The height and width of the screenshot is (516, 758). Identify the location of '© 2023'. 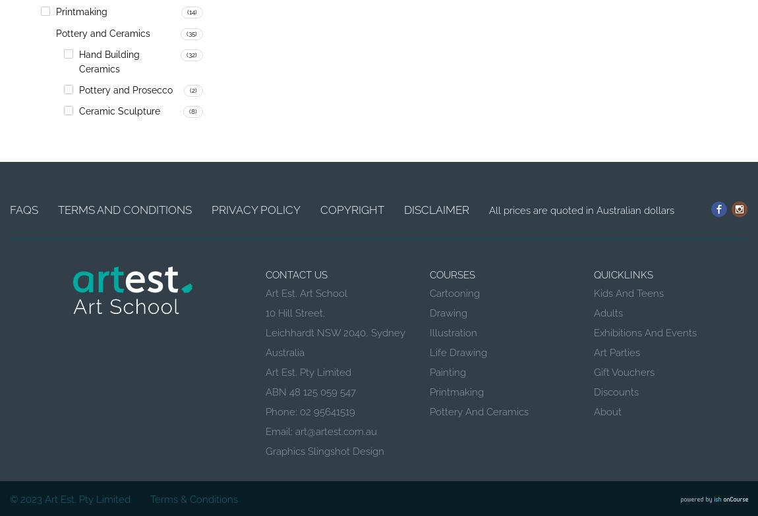
(9, 499).